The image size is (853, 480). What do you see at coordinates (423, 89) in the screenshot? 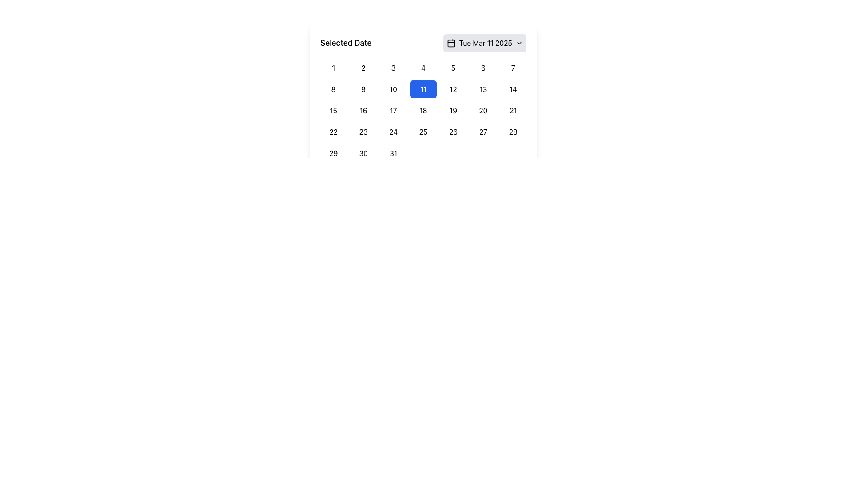
I see `the button representing the date '11' in the calendar interface` at bounding box center [423, 89].